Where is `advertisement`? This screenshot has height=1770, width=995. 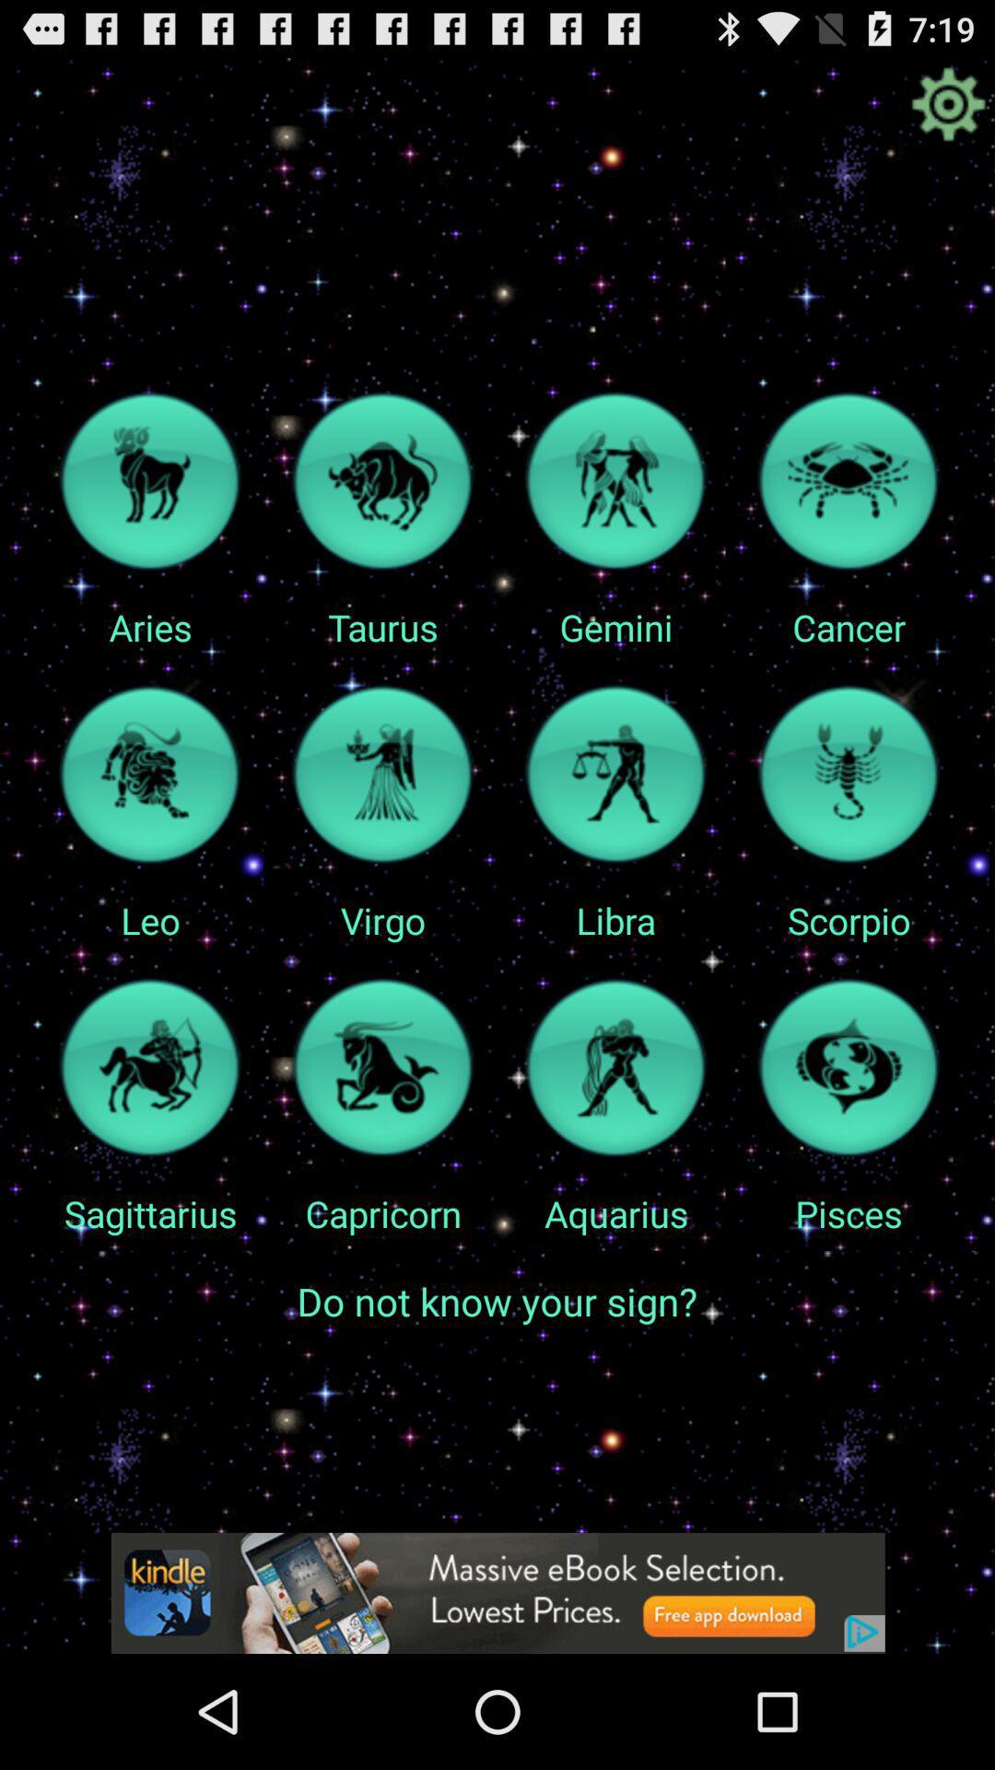 advertisement is located at coordinates (497, 1592).